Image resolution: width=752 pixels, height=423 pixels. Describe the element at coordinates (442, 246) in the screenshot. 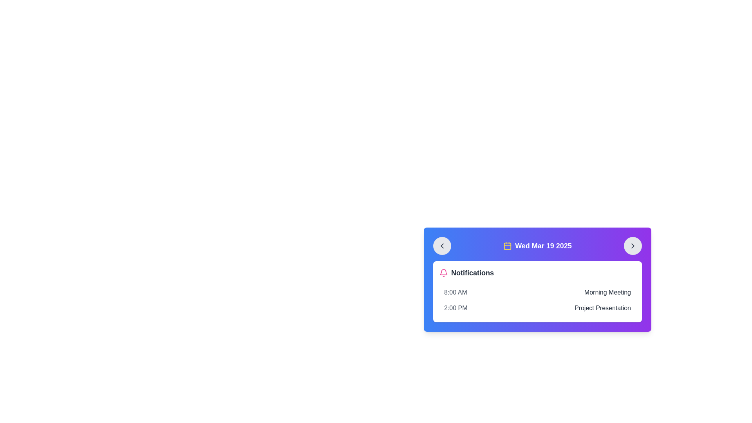

I see `the small leftward arrow icon with a chevron design inside a circular button at the top left corner of a notification card` at that location.